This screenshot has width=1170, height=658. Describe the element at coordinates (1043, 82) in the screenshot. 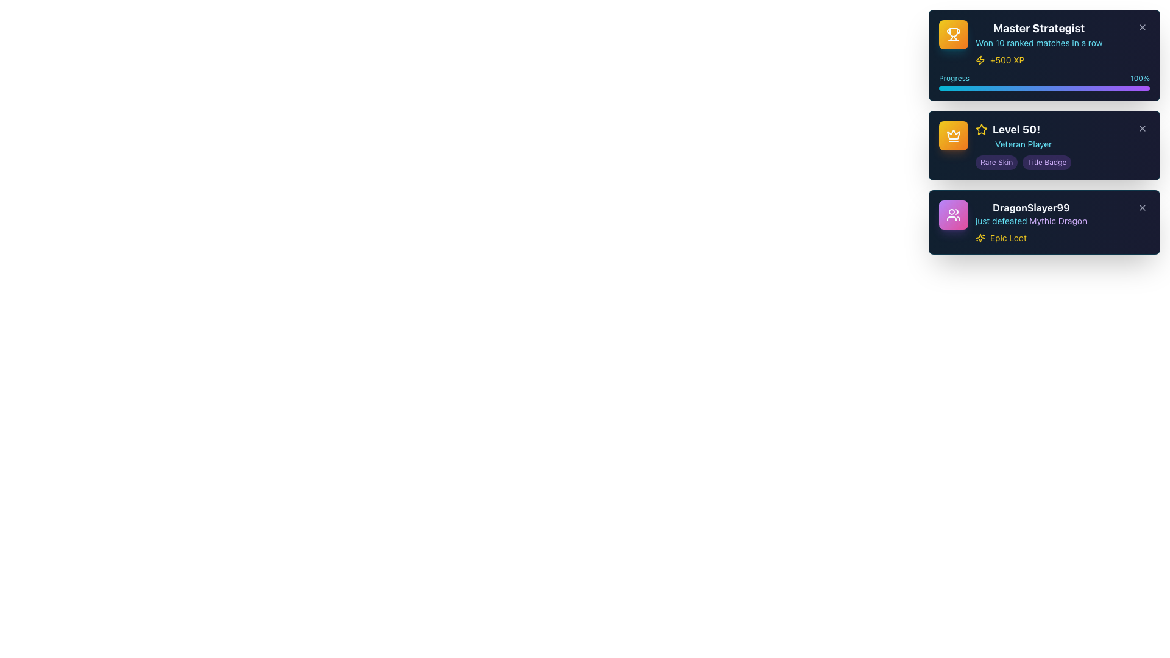

I see `the Progress Bar located in the lower portion of the 'Master Strategist' card, positioned directly below the '+500 XP' text` at that location.